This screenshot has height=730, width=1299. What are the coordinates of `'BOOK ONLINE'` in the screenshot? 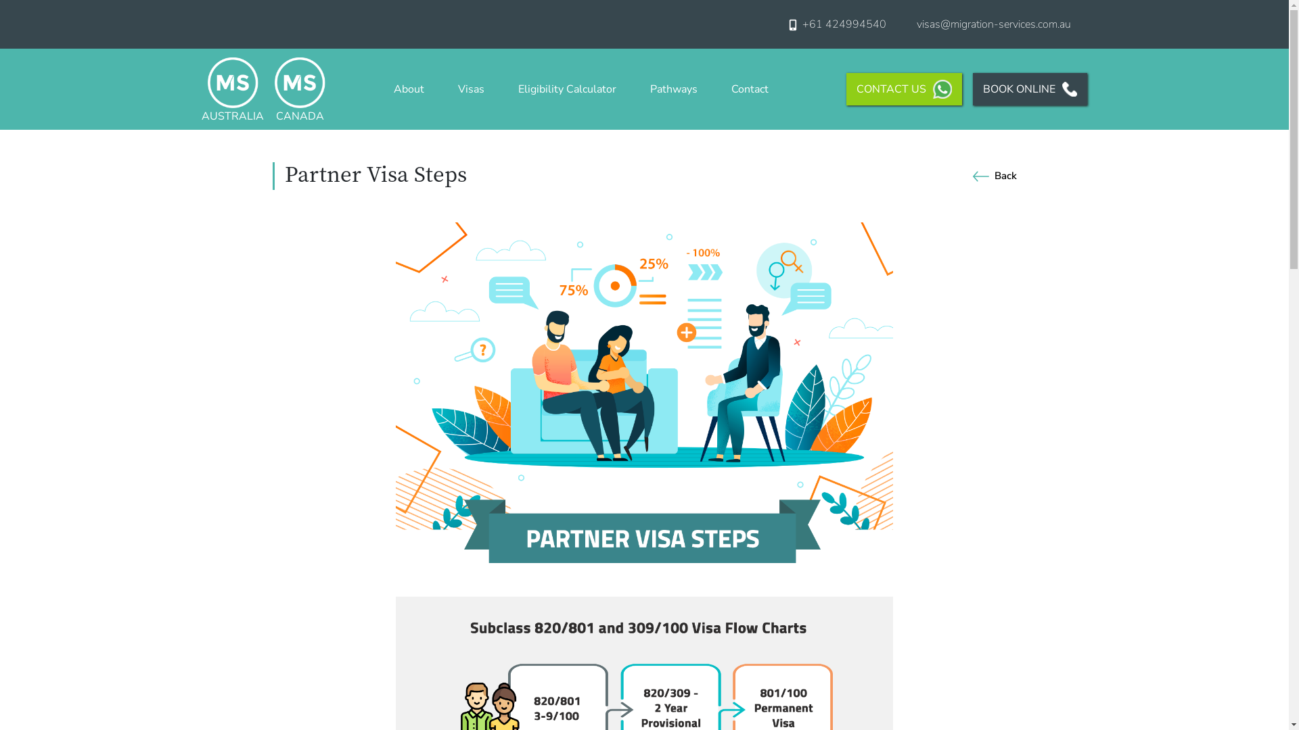 It's located at (1024, 89).